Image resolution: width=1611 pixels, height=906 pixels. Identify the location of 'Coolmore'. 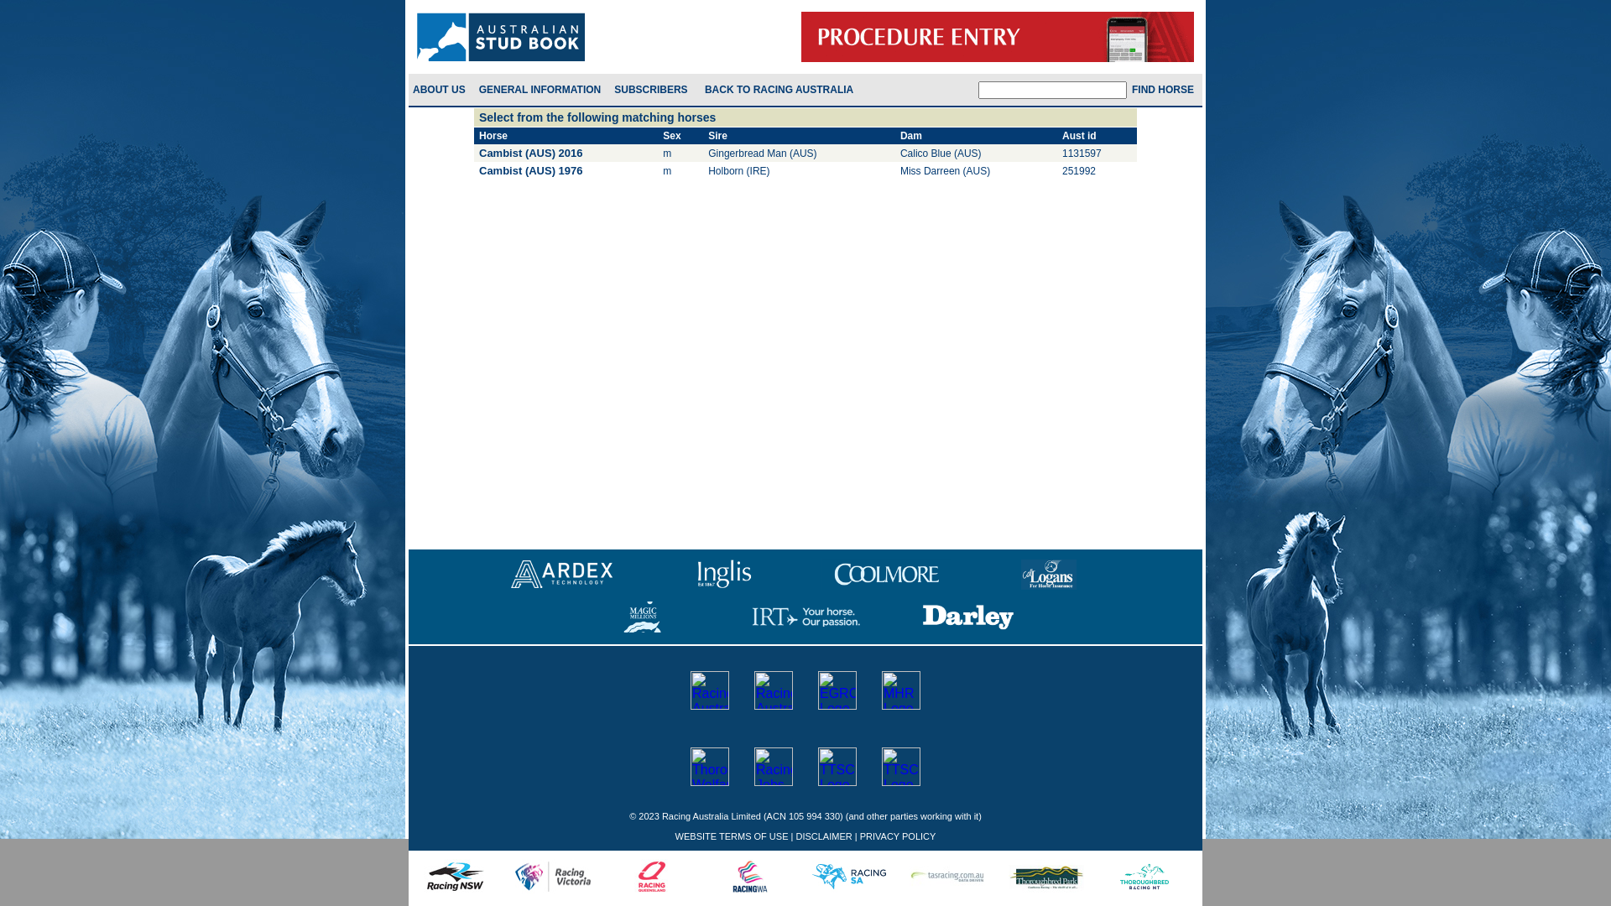
(806, 573).